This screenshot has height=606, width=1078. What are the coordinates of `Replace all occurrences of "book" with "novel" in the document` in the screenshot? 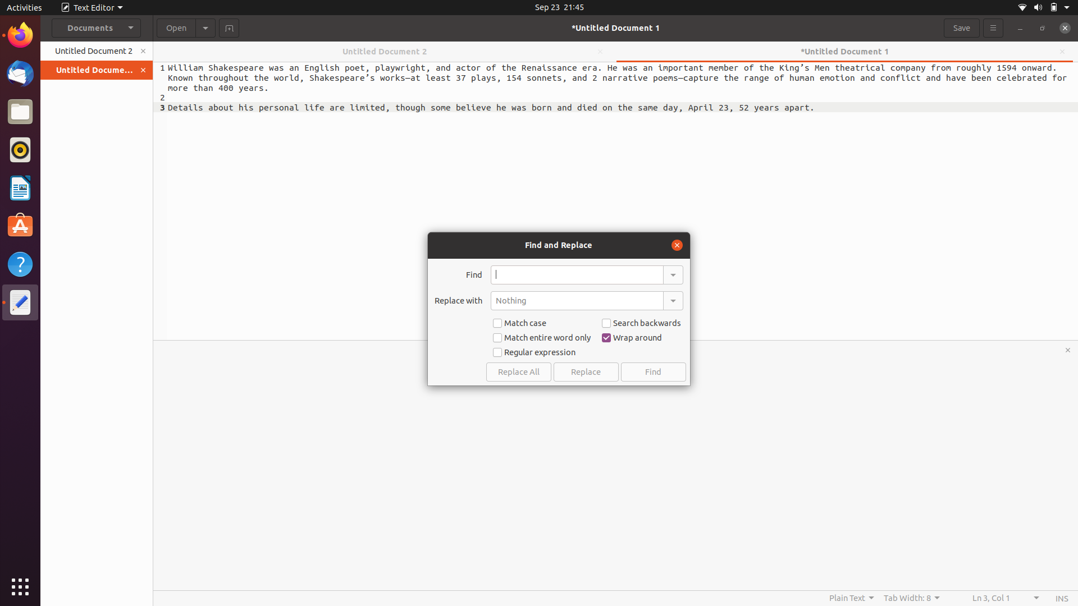 It's located at (577, 274).